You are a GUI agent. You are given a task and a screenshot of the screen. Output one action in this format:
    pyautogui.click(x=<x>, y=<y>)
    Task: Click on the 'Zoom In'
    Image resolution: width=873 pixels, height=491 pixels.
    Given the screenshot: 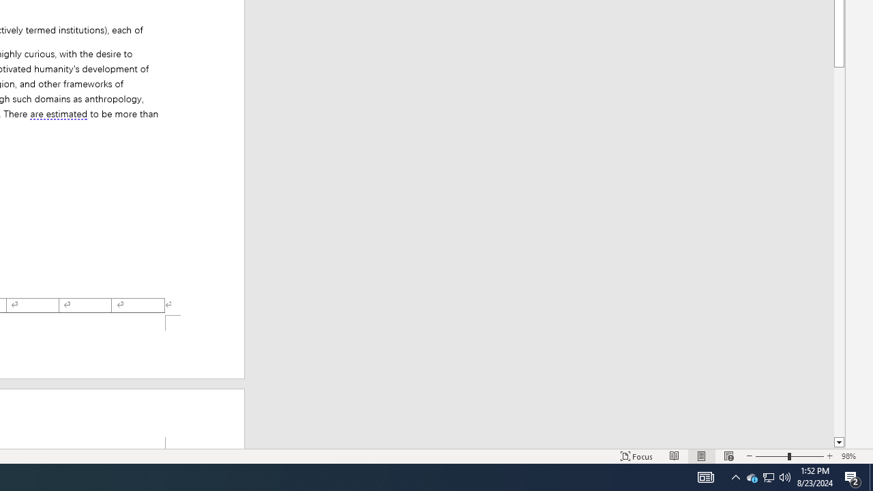 What is the action you would take?
    pyautogui.click(x=829, y=456)
    